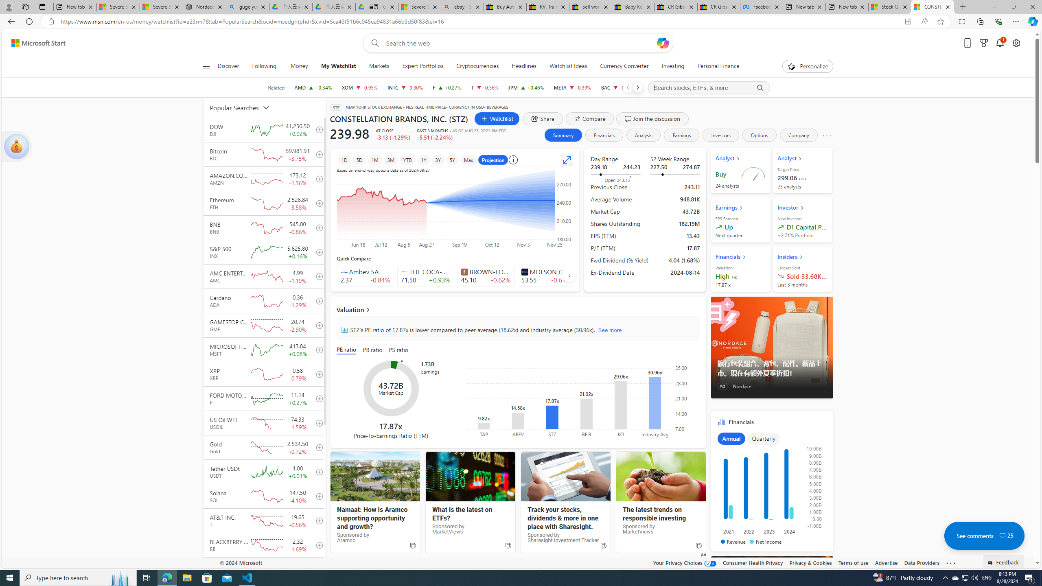  What do you see at coordinates (375, 160) in the screenshot?
I see `'1M'` at bounding box center [375, 160].